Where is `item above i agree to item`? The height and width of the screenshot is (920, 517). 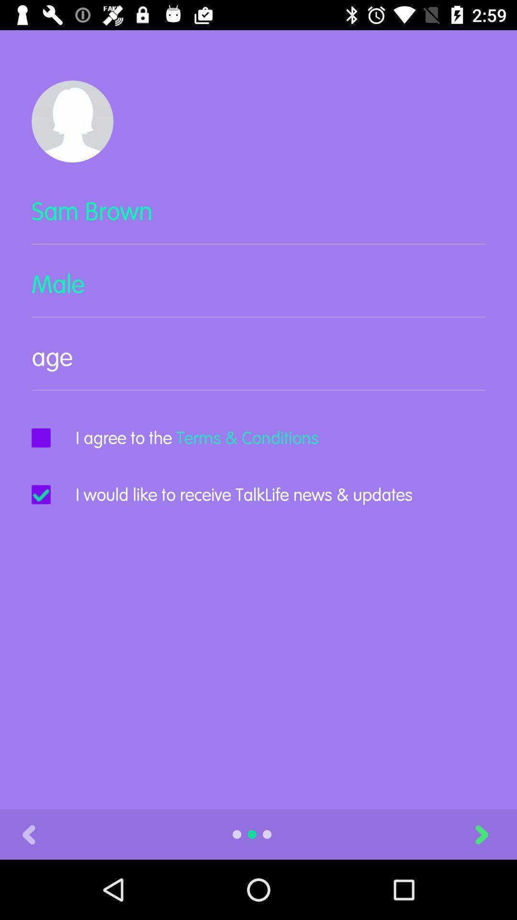 item above i agree to item is located at coordinates (258, 365).